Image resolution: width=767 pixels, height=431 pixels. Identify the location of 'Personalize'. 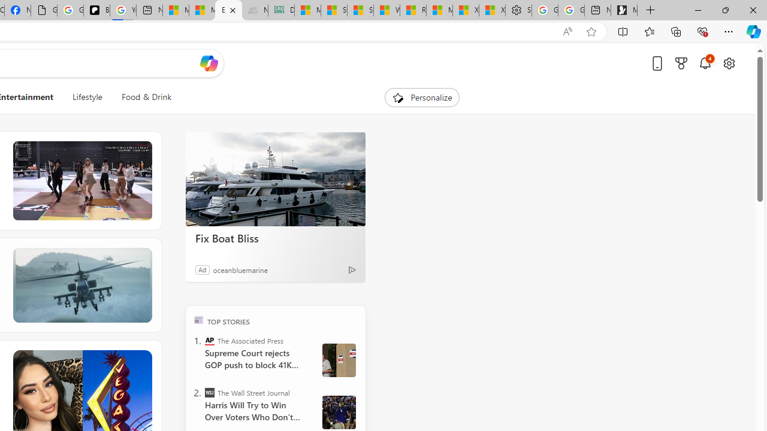
(422, 97).